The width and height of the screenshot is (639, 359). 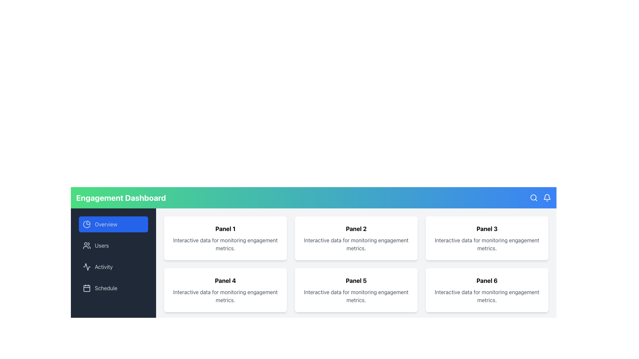 I want to click on the 'Users' text label in the vertical menu under 'Engagement Dashboard', so click(x=102, y=246).